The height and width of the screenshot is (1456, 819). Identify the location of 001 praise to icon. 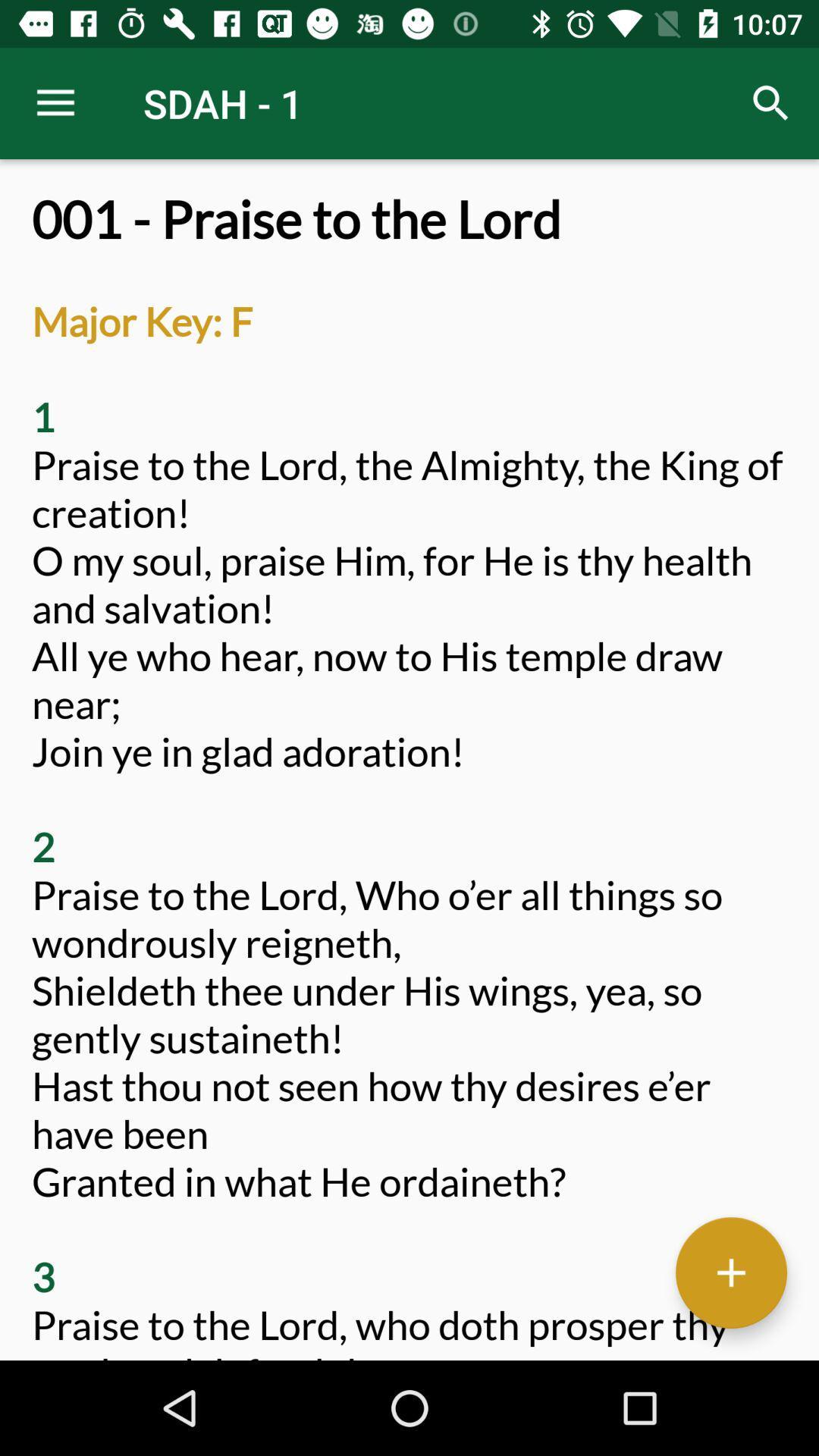
(409, 775).